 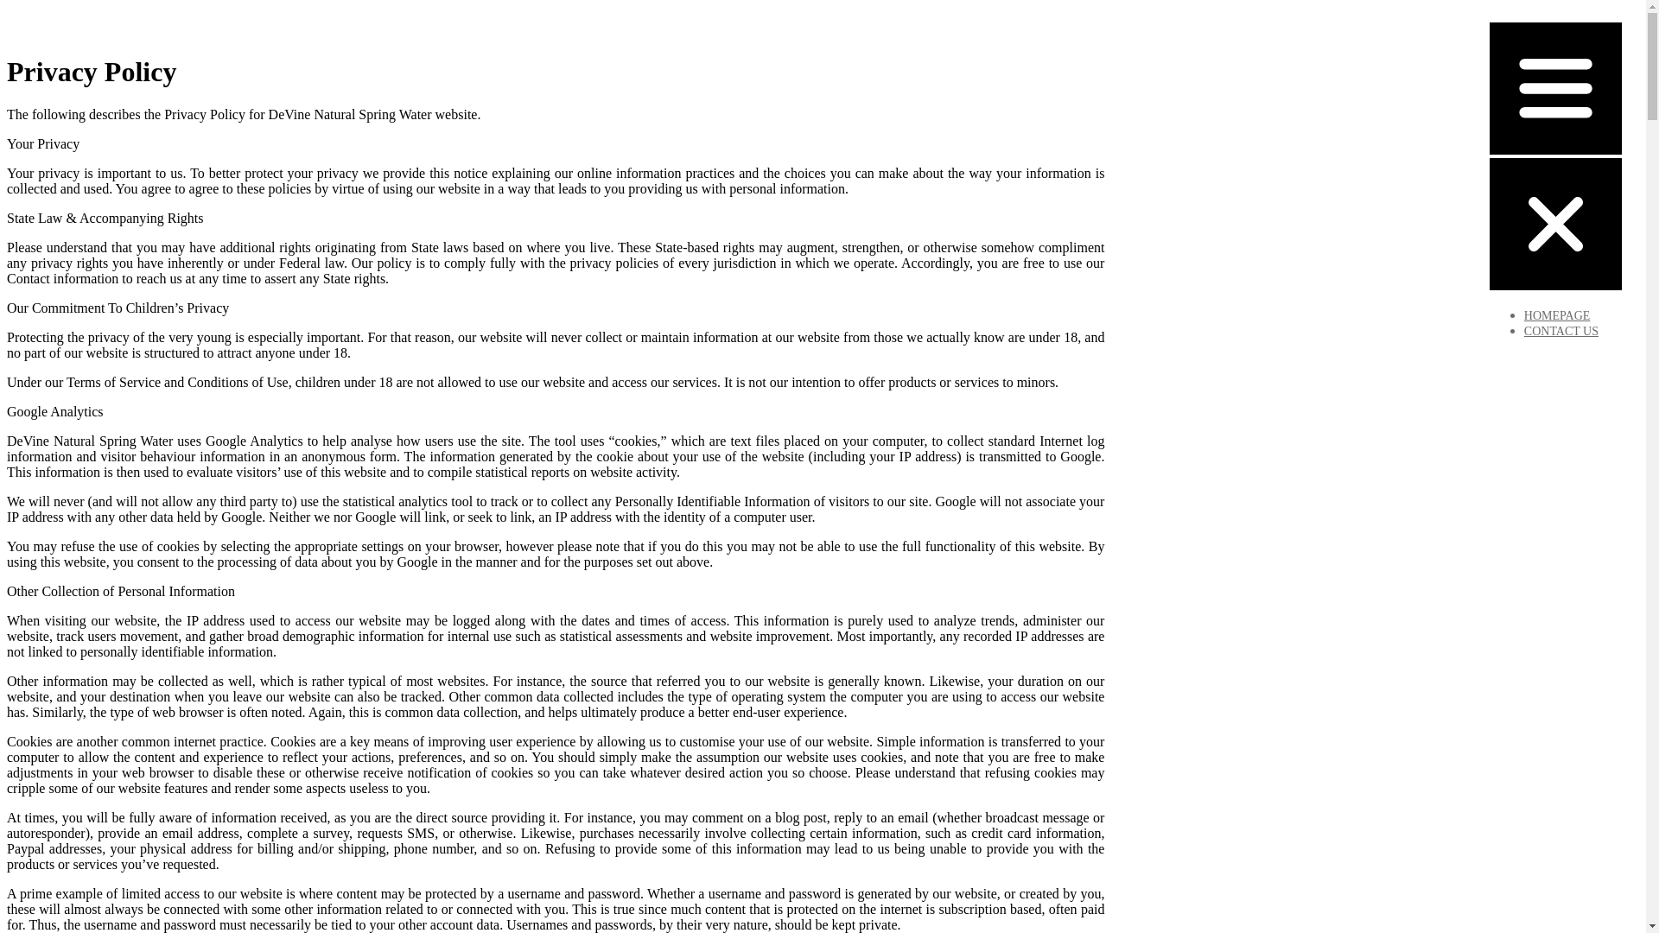 What do you see at coordinates (1560, 331) in the screenshot?
I see `'CONTACT US'` at bounding box center [1560, 331].